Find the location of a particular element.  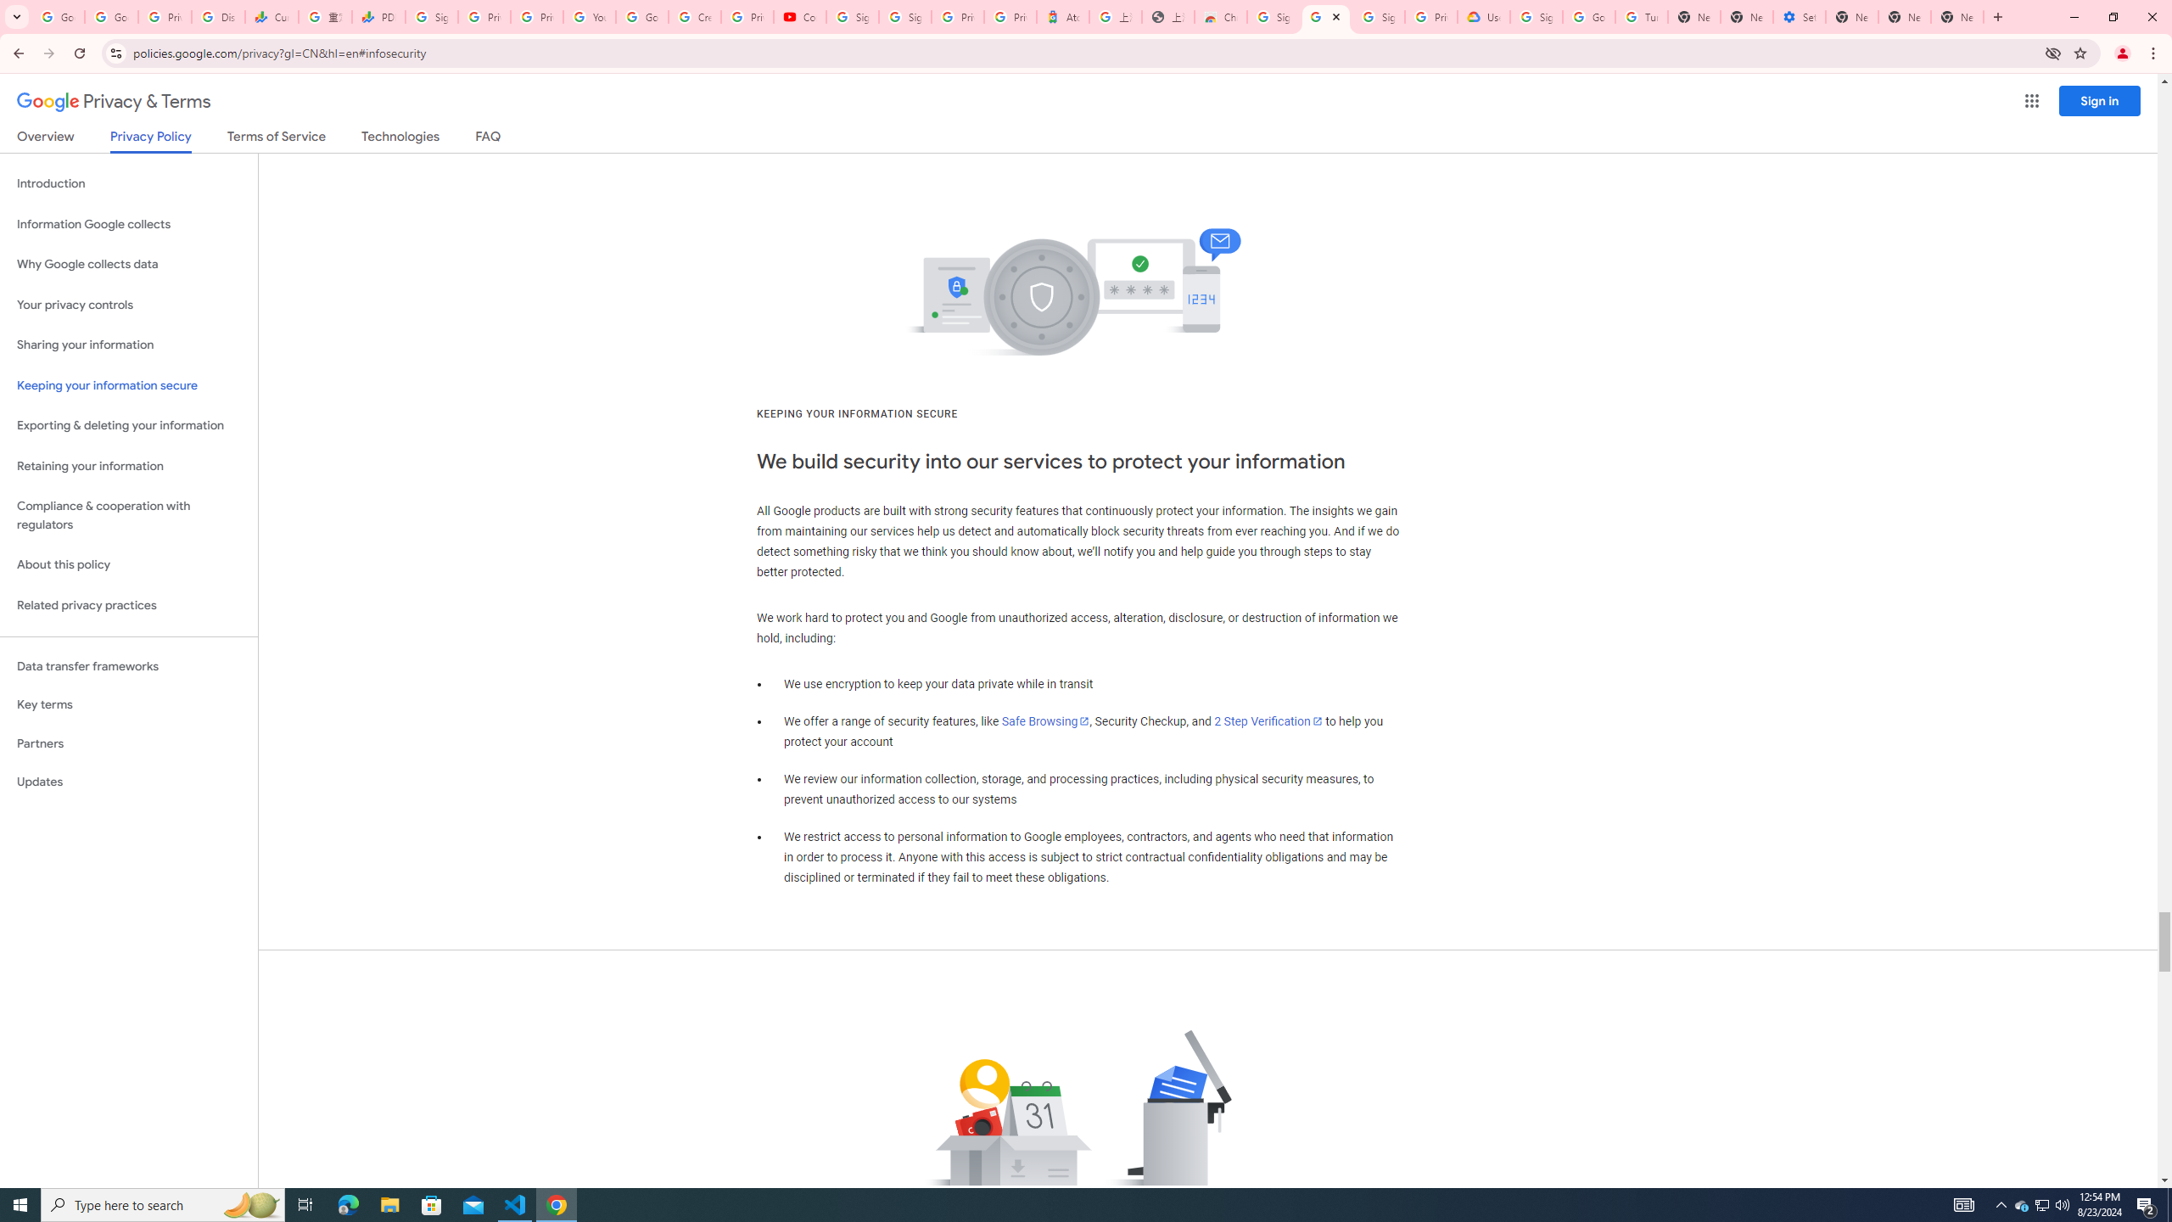

'Information Google collects' is located at coordinates (128, 224).